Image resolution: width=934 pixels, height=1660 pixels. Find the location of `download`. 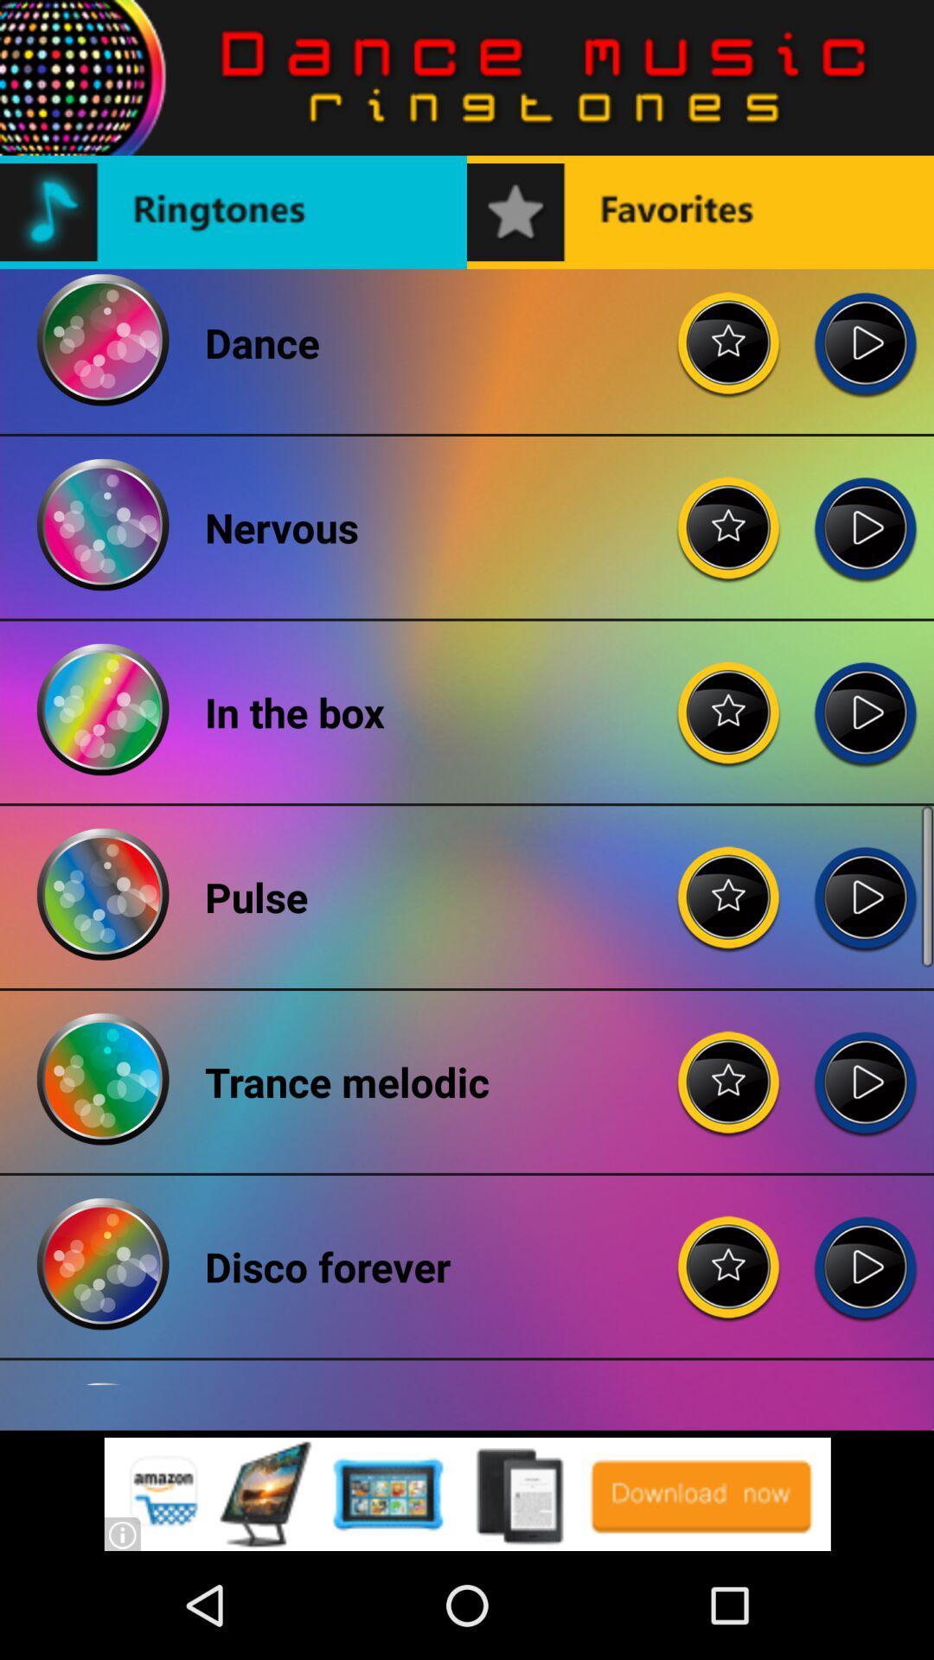

download is located at coordinates (467, 1493).